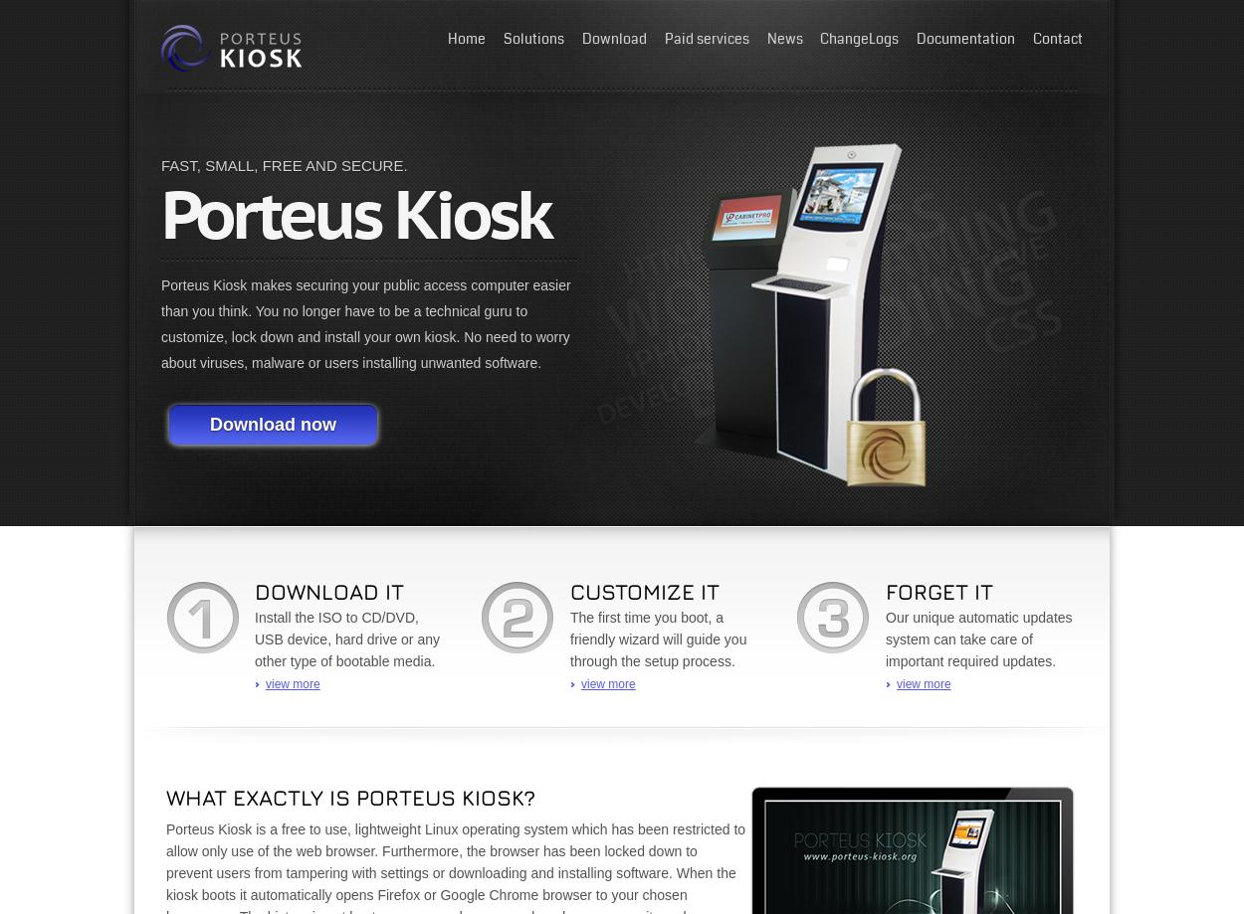 The width and height of the screenshot is (1244, 914). I want to click on 'Download now', so click(273, 424).